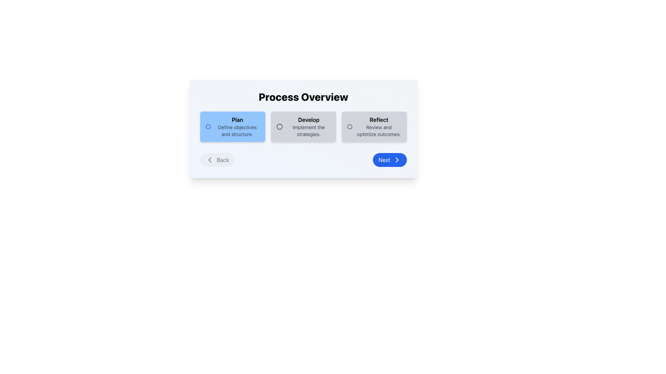 Image resolution: width=666 pixels, height=374 pixels. Describe the element at coordinates (303, 127) in the screenshot. I see `the interactive radio button labeled 'Develop'` at that location.